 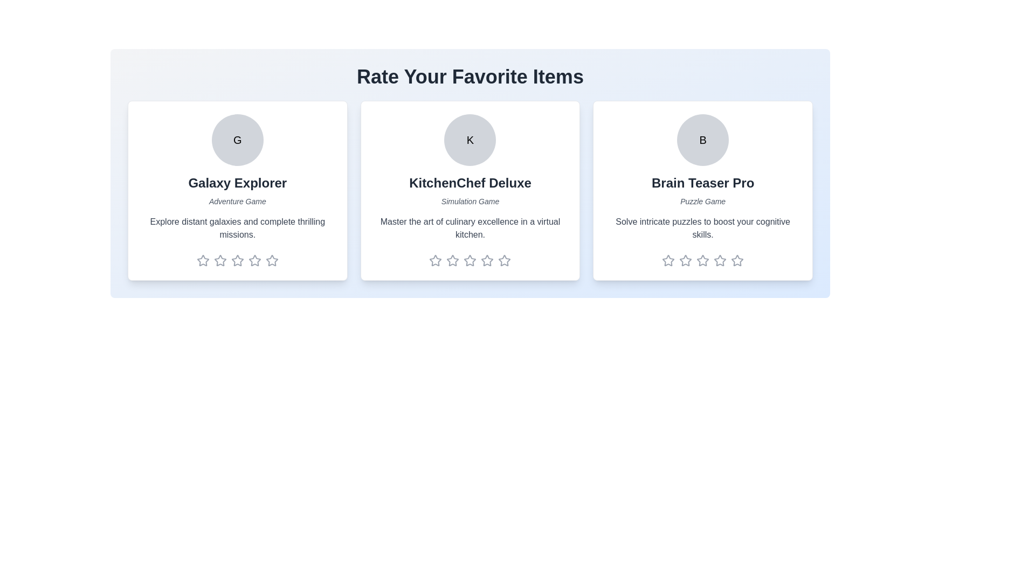 What do you see at coordinates (272, 260) in the screenshot?
I see `the rating of the item to 5 stars by clicking on the corresponding star` at bounding box center [272, 260].